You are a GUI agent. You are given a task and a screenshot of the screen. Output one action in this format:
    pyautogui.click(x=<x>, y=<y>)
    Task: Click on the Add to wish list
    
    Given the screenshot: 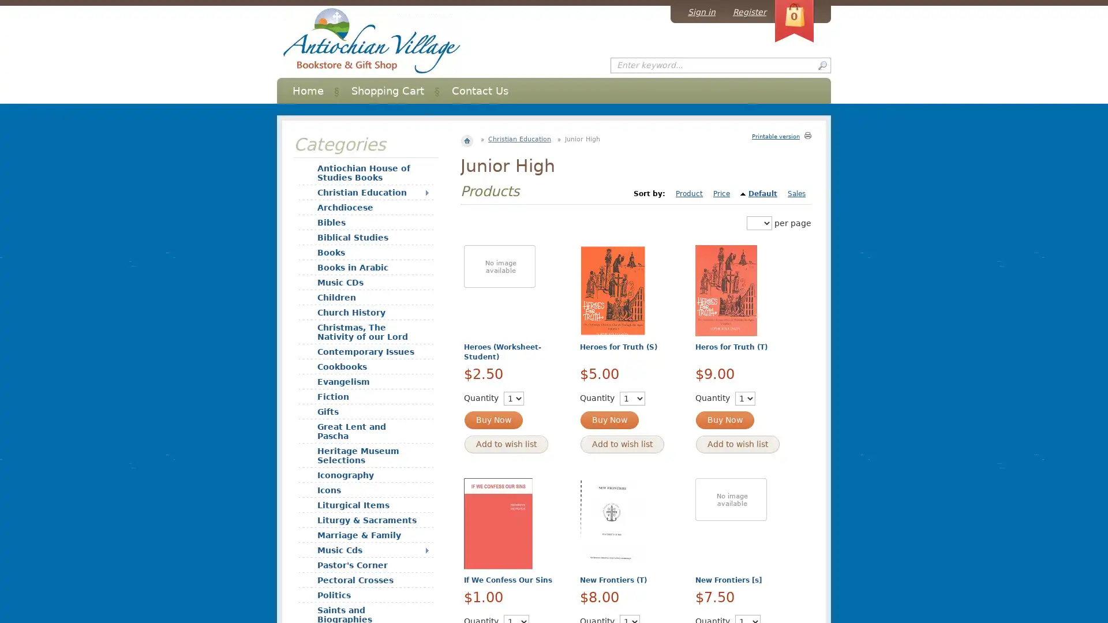 What is the action you would take?
    pyautogui.click(x=621, y=444)
    